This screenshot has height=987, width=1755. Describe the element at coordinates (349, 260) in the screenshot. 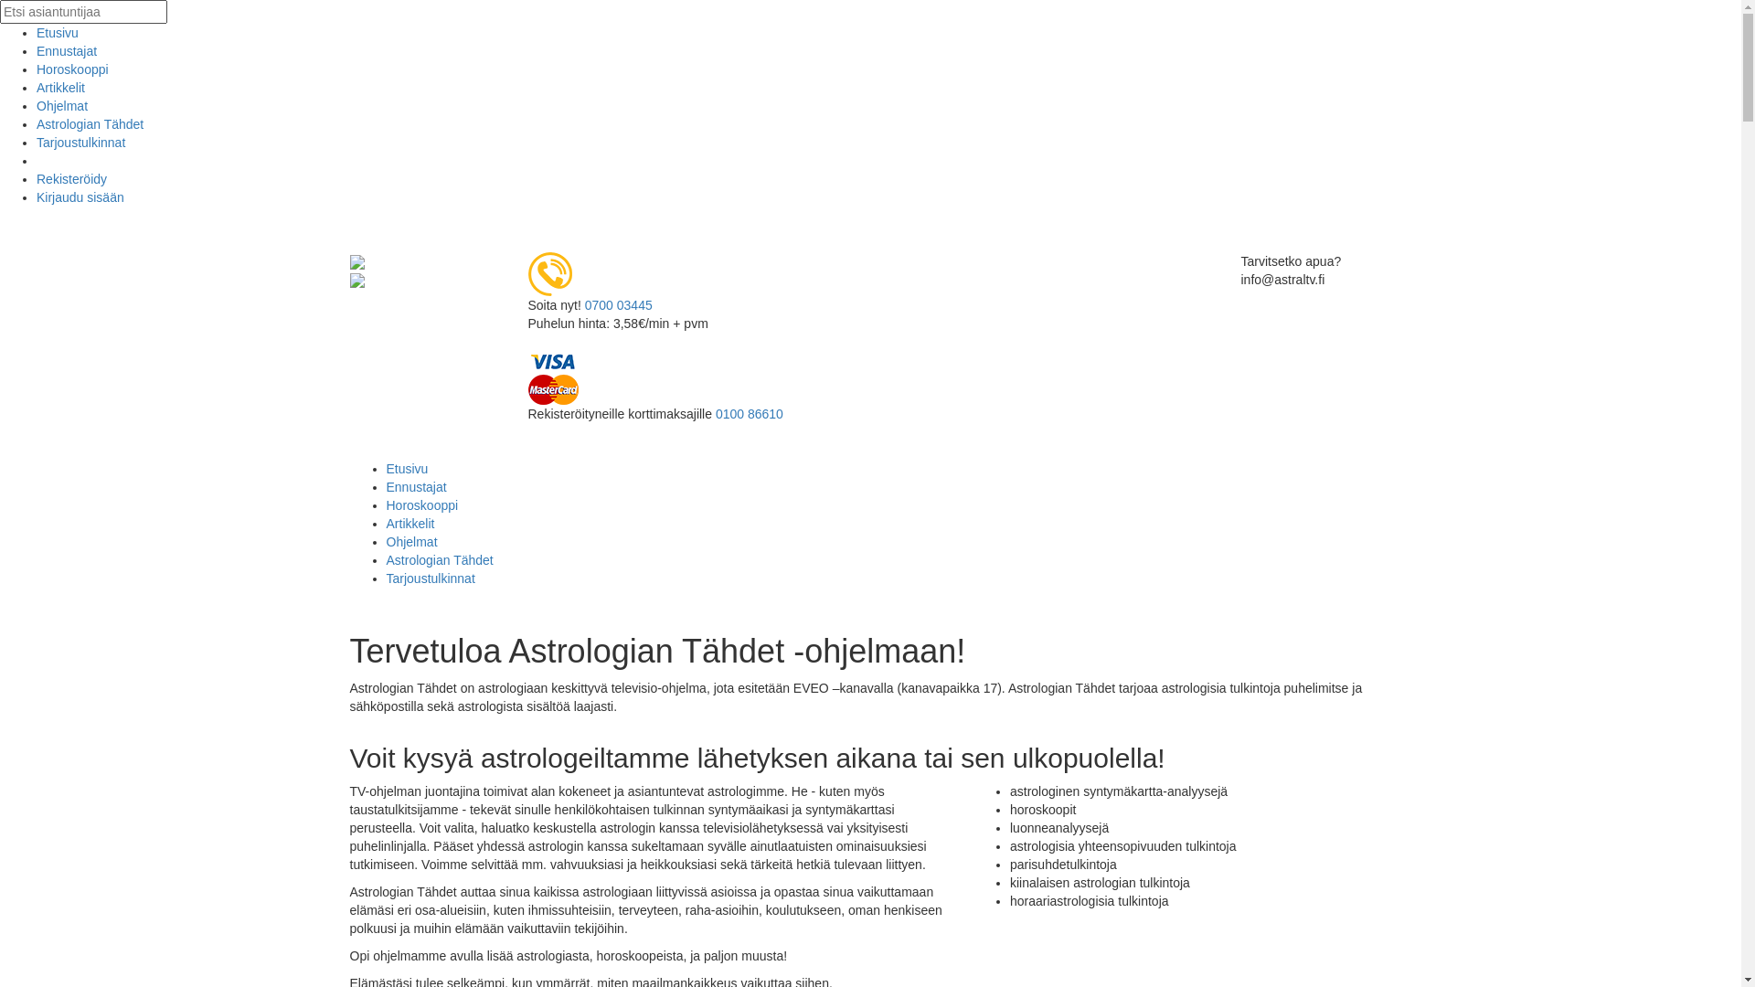

I see `'www.astraltv.fi - Finland - Finish'` at that location.